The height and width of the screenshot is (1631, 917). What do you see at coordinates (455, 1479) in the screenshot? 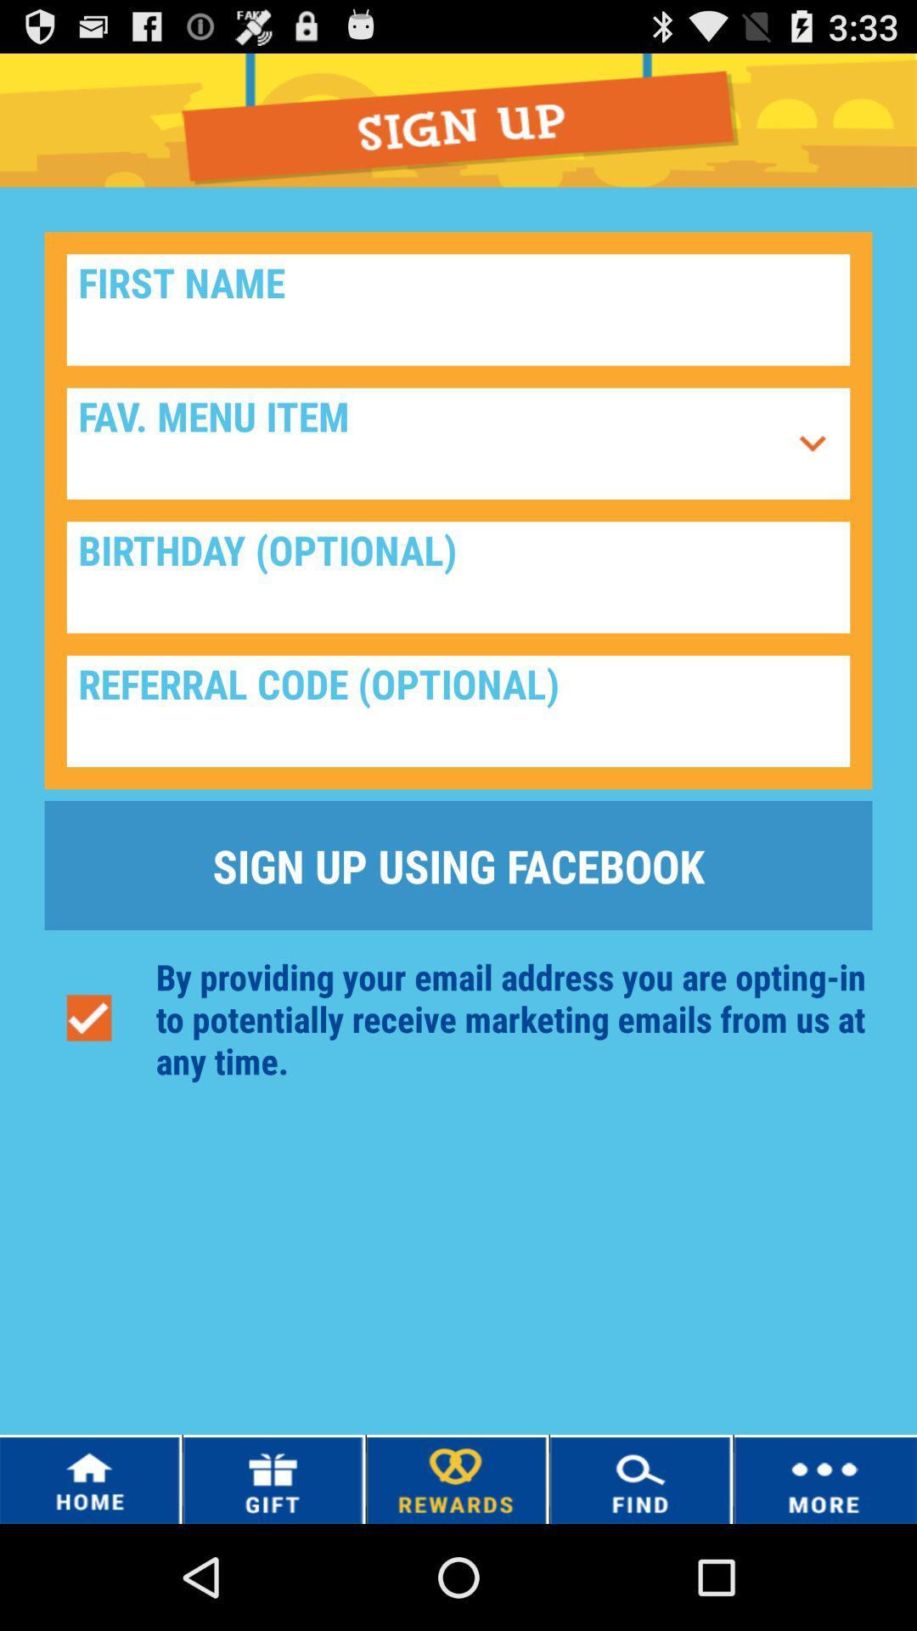
I see `rewards` at bounding box center [455, 1479].